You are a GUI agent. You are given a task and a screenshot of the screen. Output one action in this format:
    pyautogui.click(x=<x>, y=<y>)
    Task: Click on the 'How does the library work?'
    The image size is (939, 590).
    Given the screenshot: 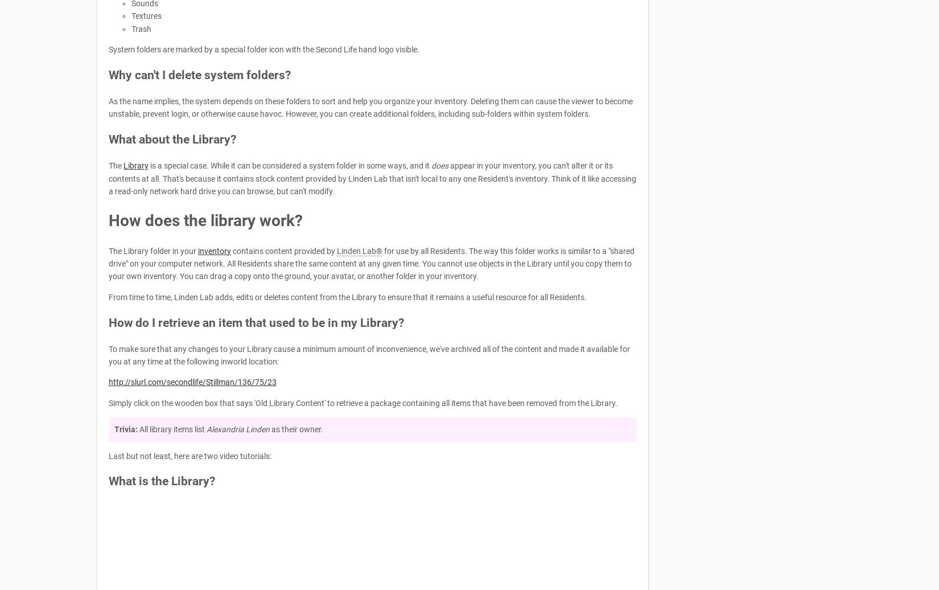 What is the action you would take?
    pyautogui.click(x=109, y=220)
    